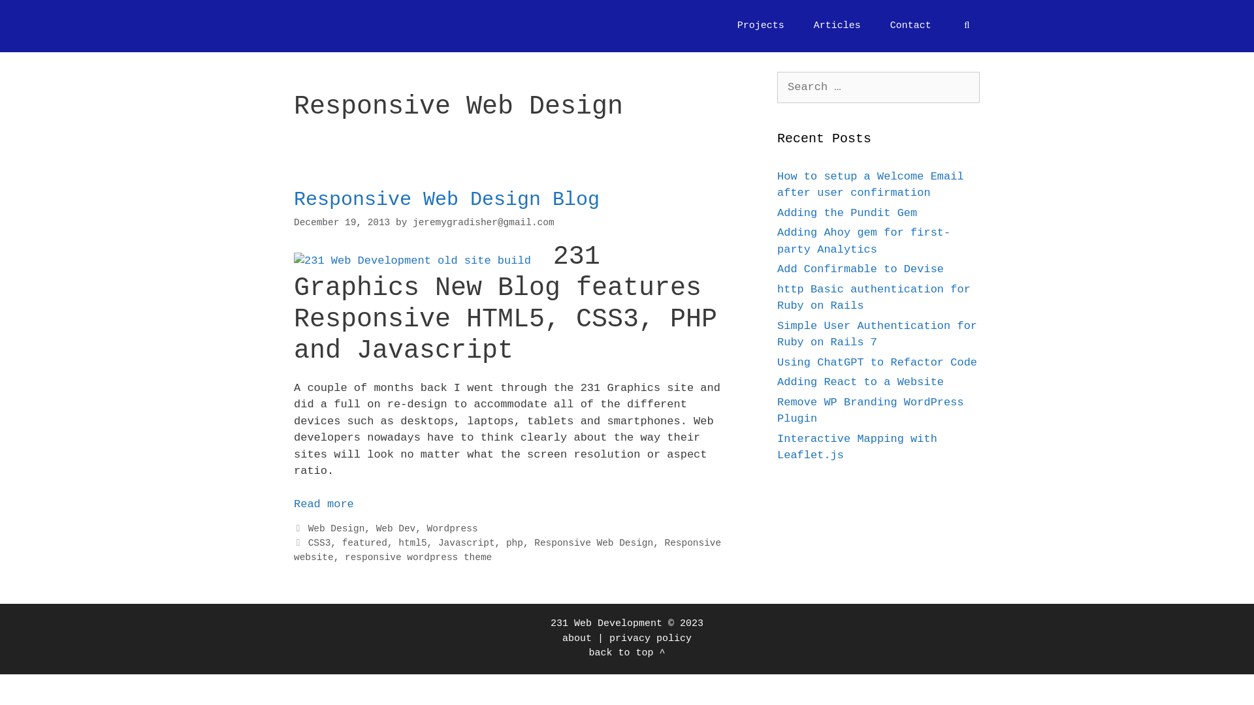  What do you see at coordinates (871, 409) in the screenshot?
I see `'Remove WP Branding WordPress Plugin'` at bounding box center [871, 409].